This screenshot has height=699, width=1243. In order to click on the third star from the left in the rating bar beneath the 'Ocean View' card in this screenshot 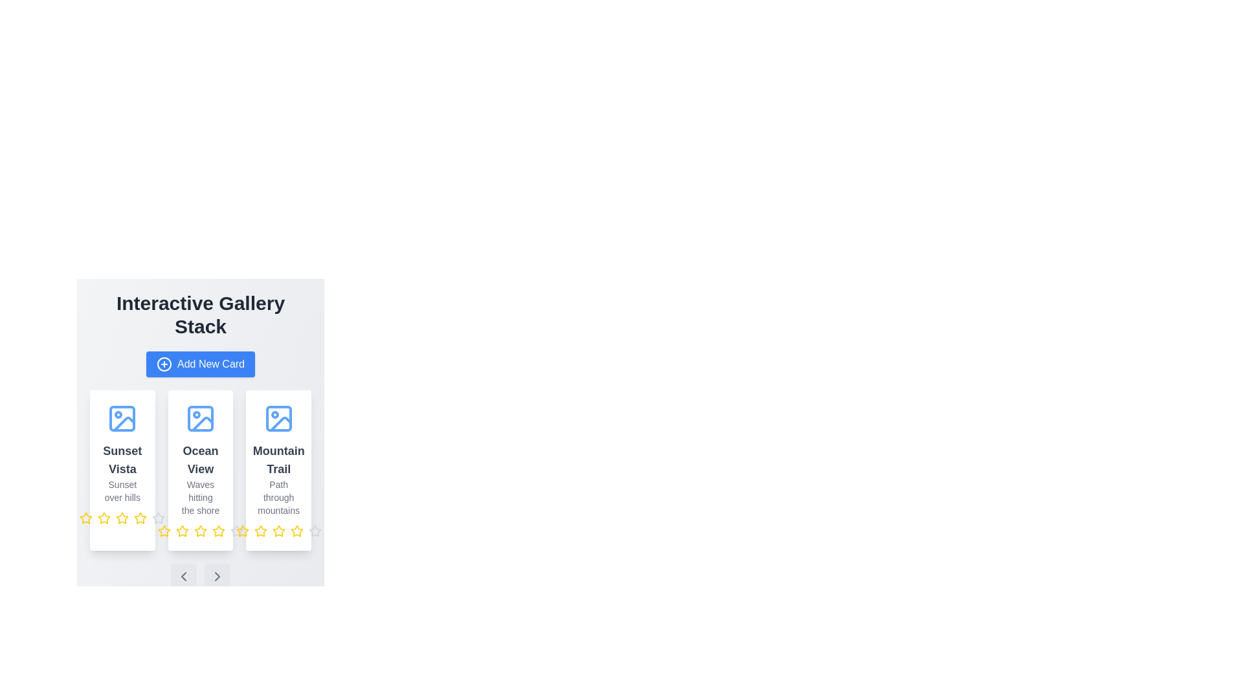, I will do `click(164, 531)`.